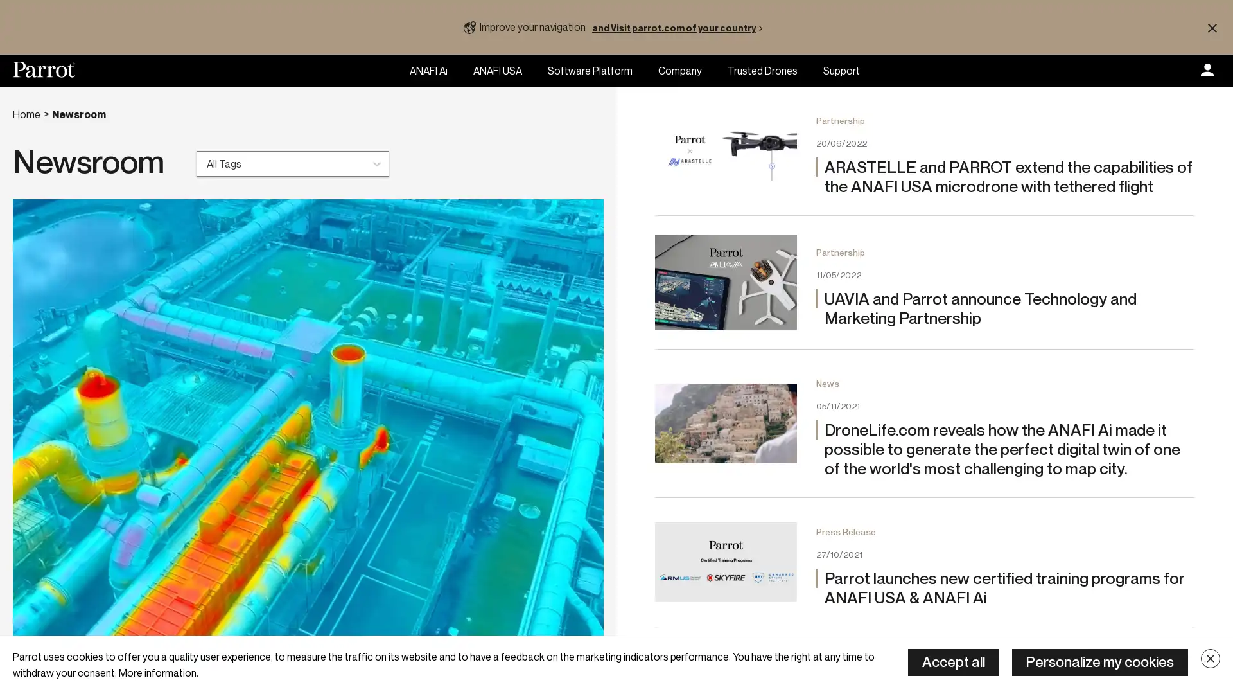 Image resolution: width=1233 pixels, height=694 pixels. I want to click on my-parrot, so click(1207, 71).